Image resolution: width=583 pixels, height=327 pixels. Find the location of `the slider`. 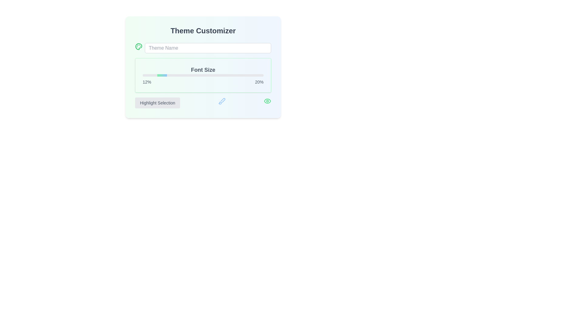

the slider is located at coordinates (216, 75).